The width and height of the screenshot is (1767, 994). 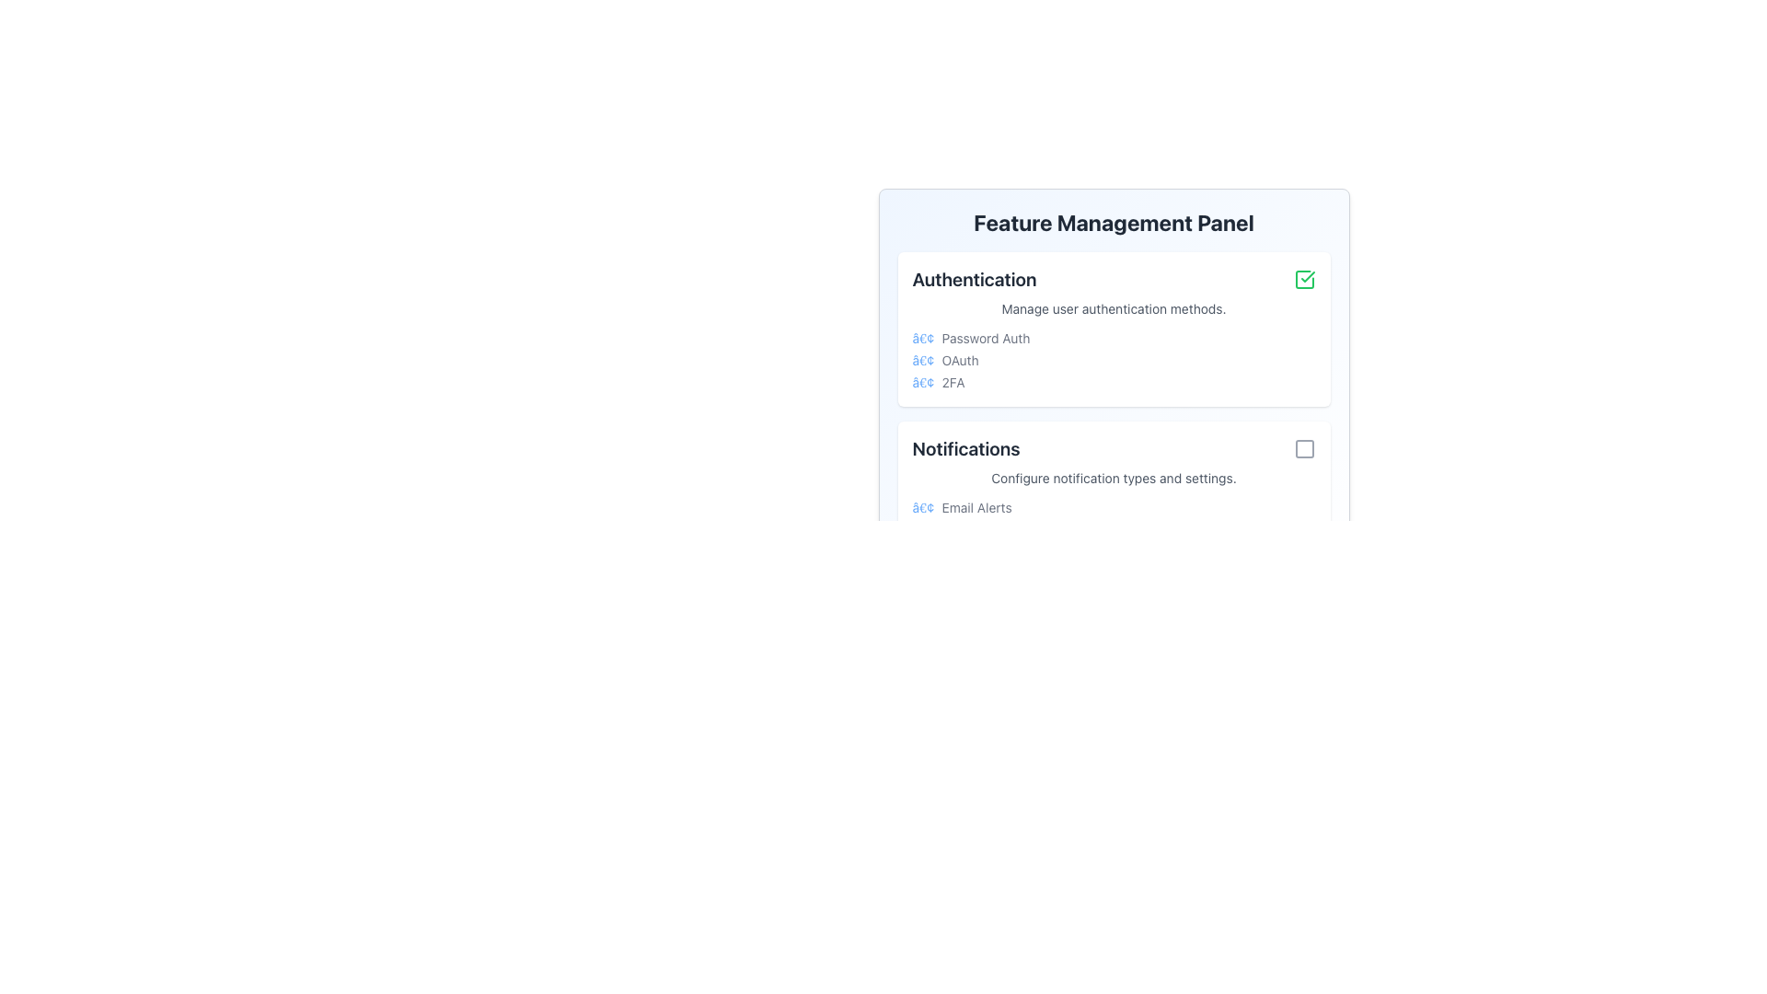 What do you see at coordinates (1303, 280) in the screenshot?
I see `the green outlined square check icon with a check mark inside it, located next to the 'Authentication' header` at bounding box center [1303, 280].